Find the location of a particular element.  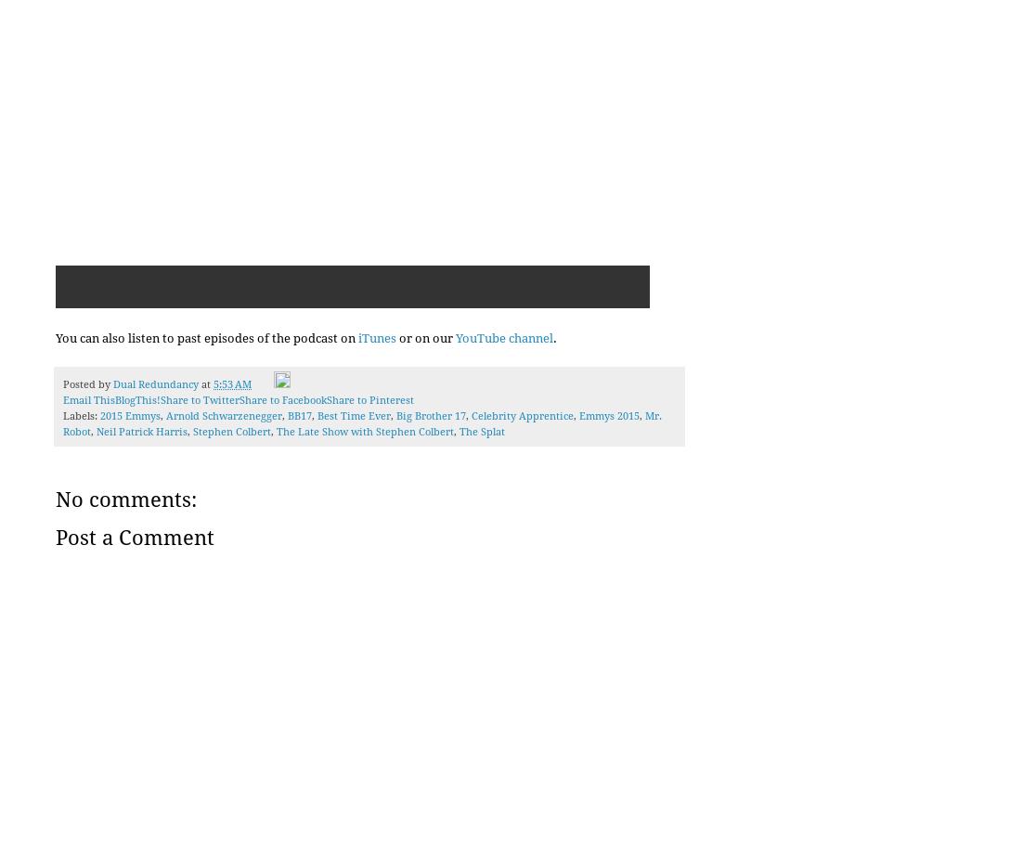

'BB17' is located at coordinates (300, 415).